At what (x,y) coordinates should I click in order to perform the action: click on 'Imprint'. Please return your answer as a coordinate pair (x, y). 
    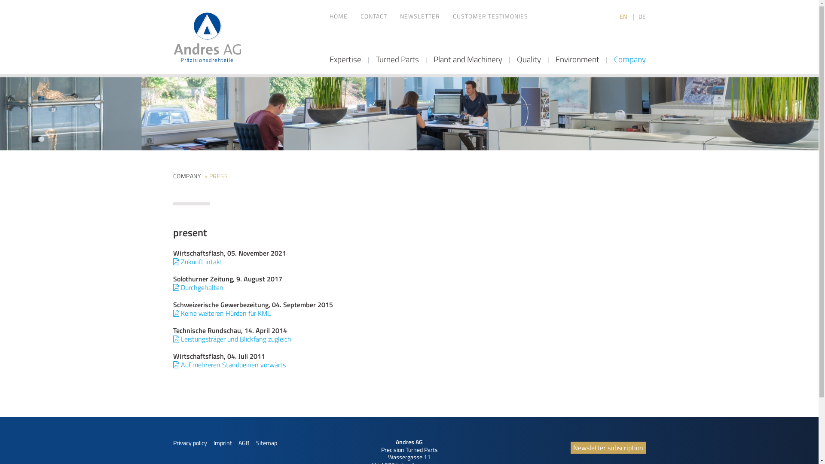
    Looking at the image, I should click on (222, 443).